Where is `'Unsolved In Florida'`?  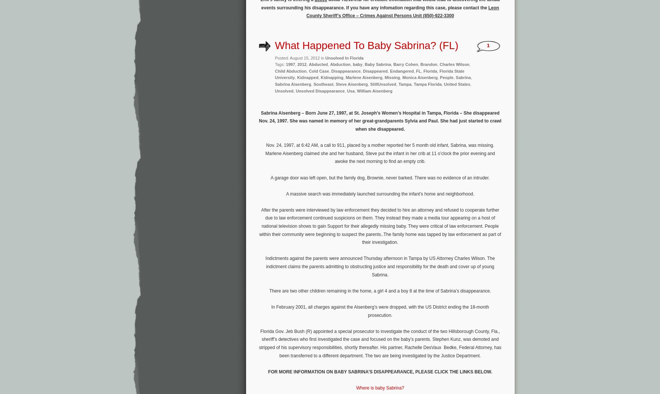
'Unsolved In Florida' is located at coordinates (344, 57).